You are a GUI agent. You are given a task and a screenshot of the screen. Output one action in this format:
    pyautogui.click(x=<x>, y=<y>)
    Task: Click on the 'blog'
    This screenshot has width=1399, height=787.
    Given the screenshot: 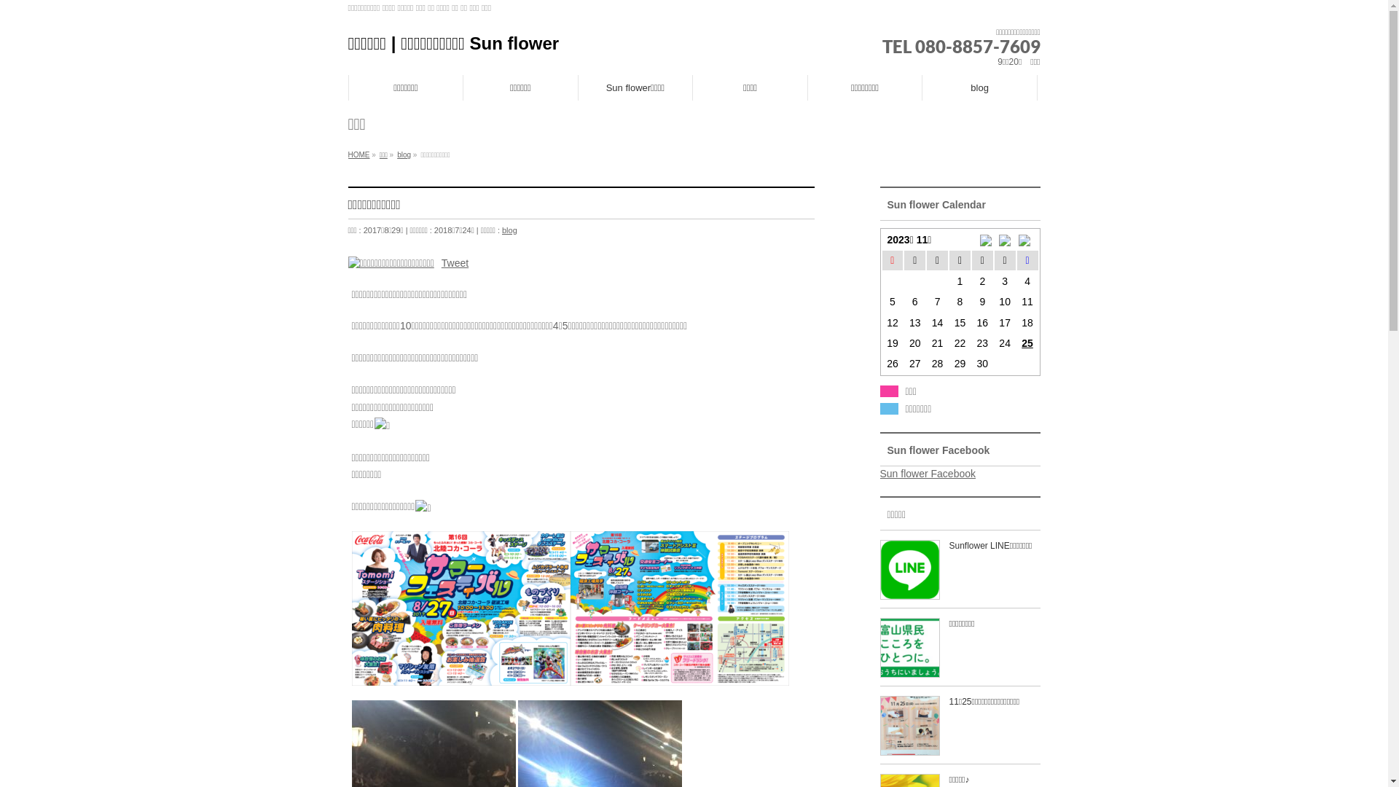 What is the action you would take?
    pyautogui.click(x=404, y=154)
    